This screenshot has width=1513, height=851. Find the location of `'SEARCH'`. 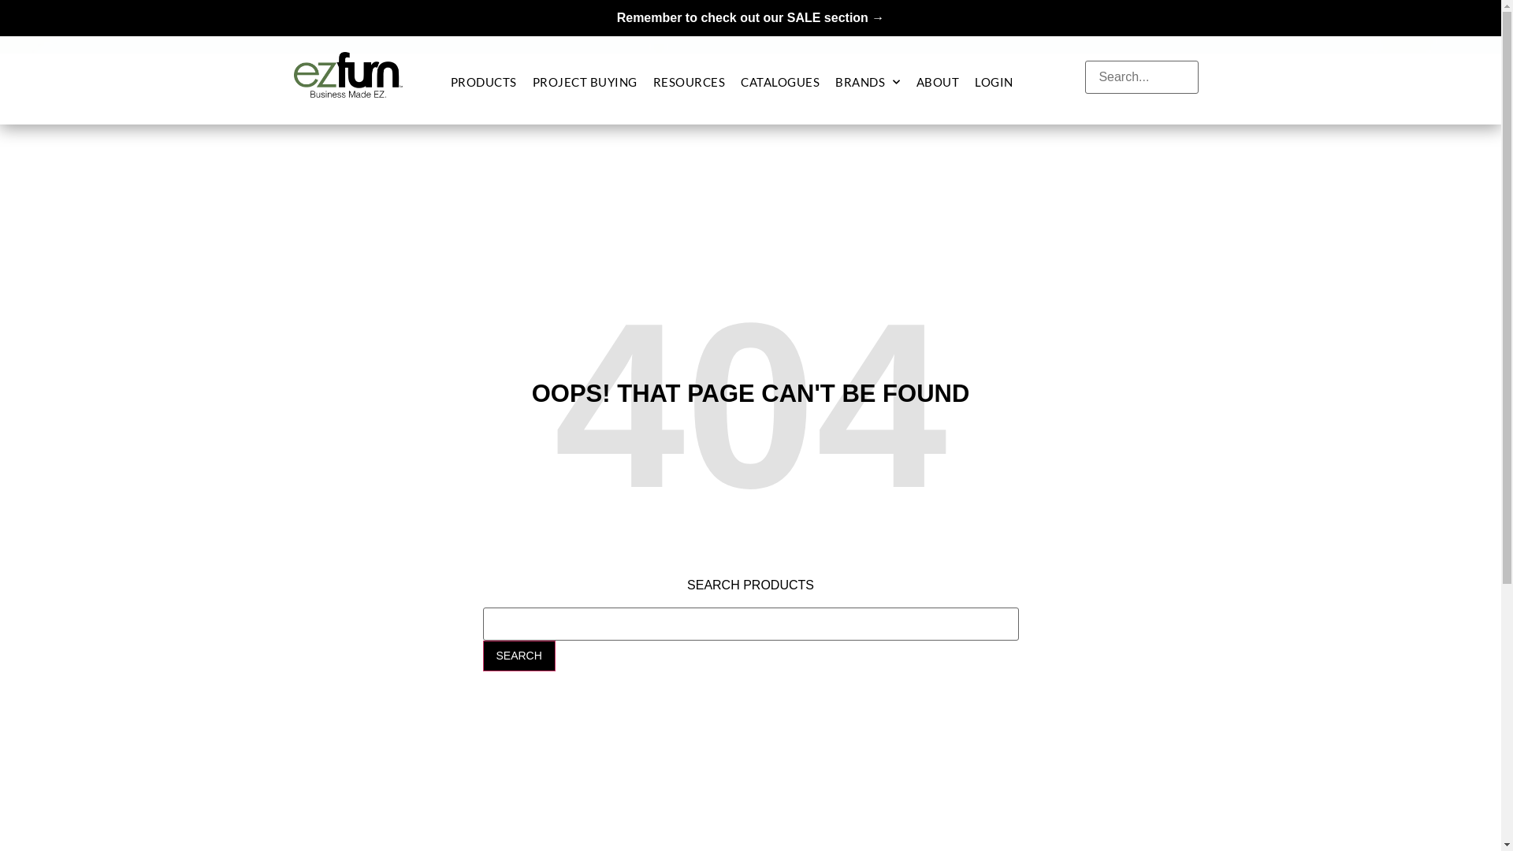

'SEARCH' is located at coordinates (518, 655).